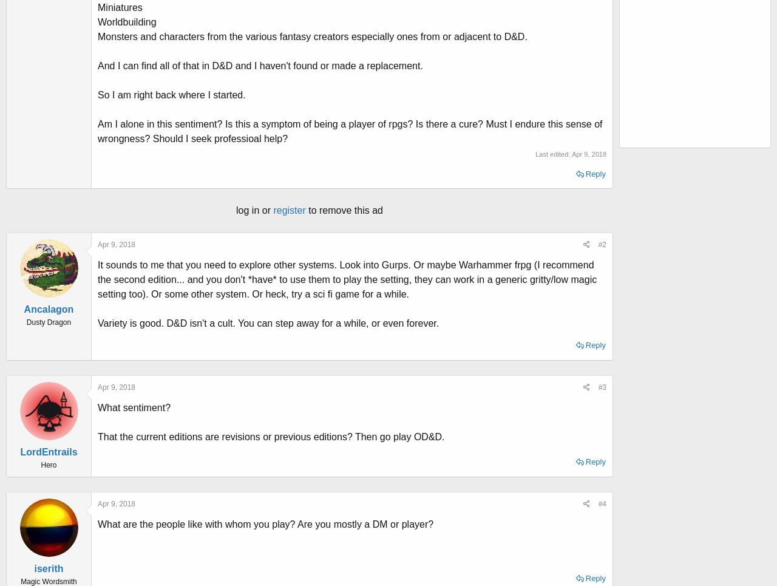 This screenshot has height=586, width=777. Describe the element at coordinates (127, 21) in the screenshot. I see `'Worldbuilding'` at that location.